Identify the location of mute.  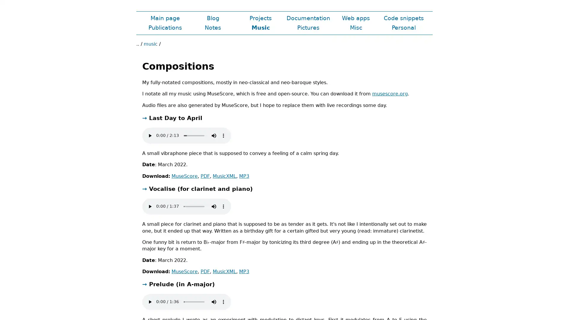
(213, 302).